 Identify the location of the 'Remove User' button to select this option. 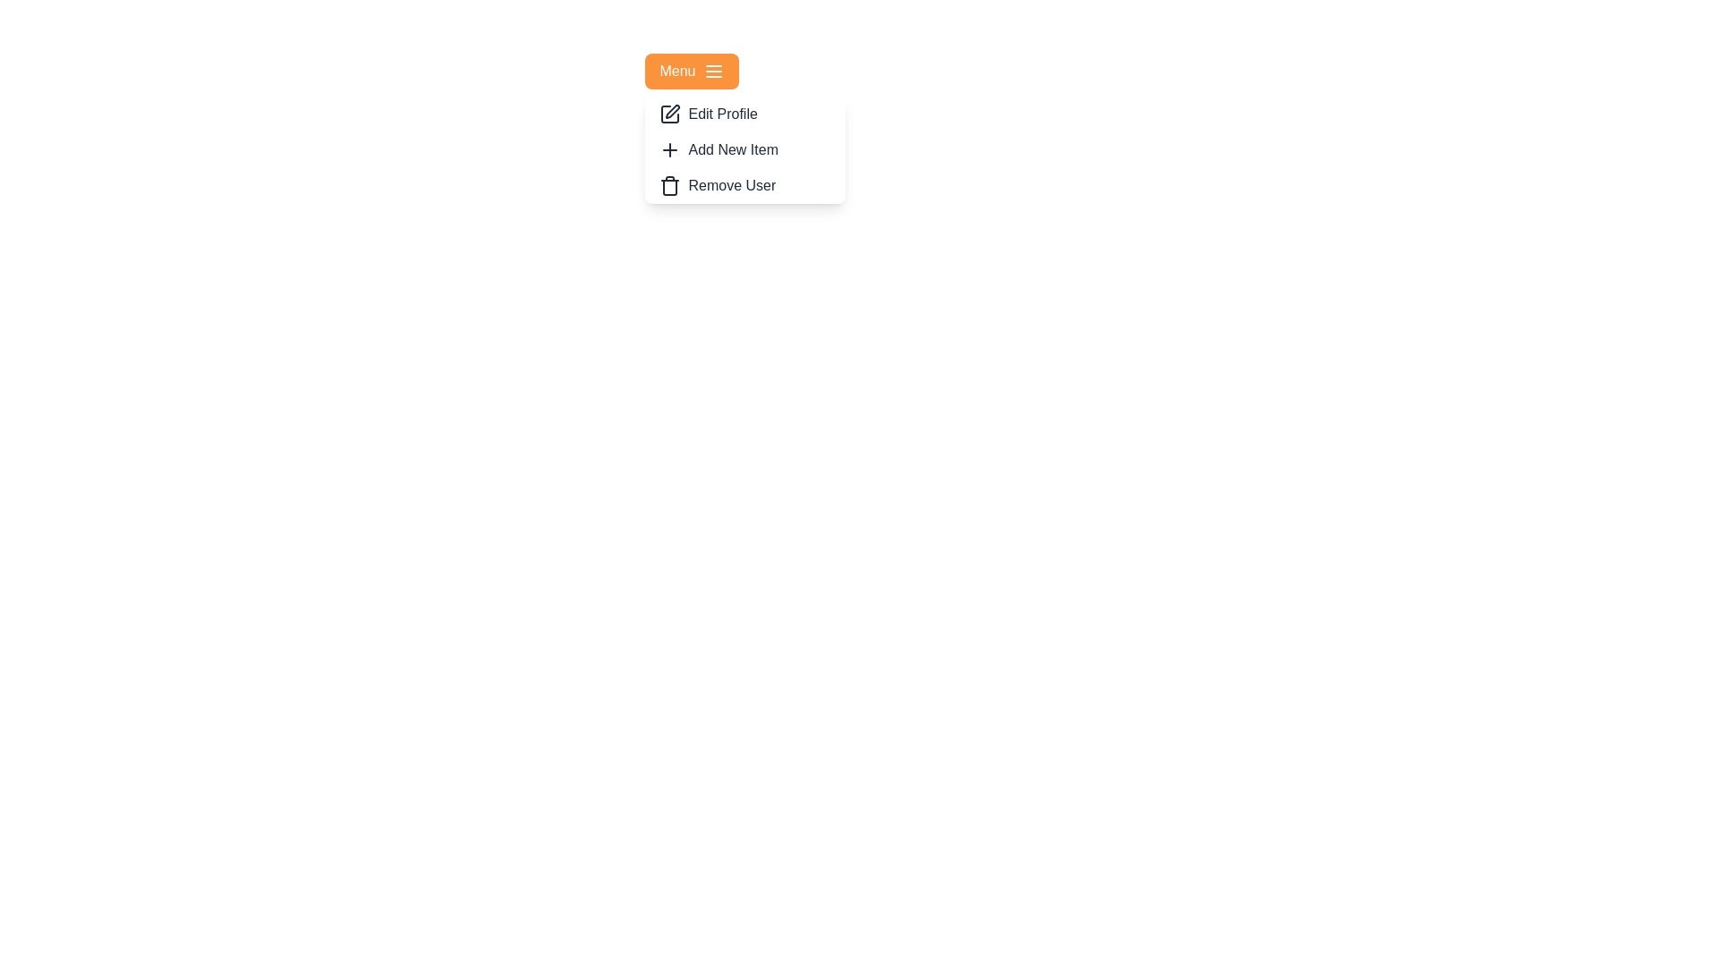
(745, 186).